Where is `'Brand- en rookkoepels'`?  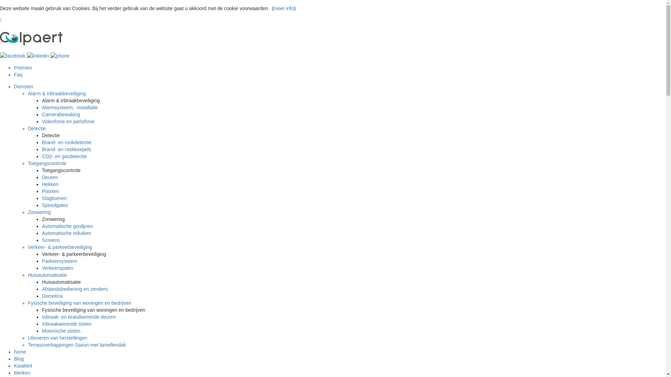
'Brand- en rookkoepels' is located at coordinates (66, 149).